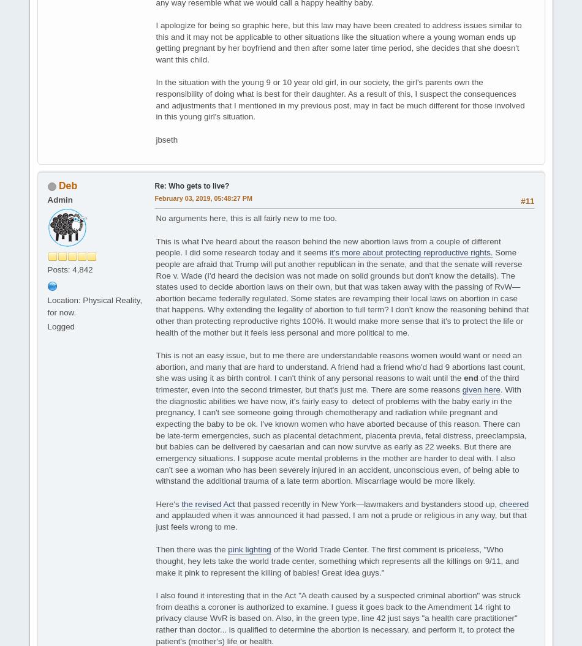 This screenshot has width=582, height=646. I want to click on 'Then there was the', so click(191, 549).